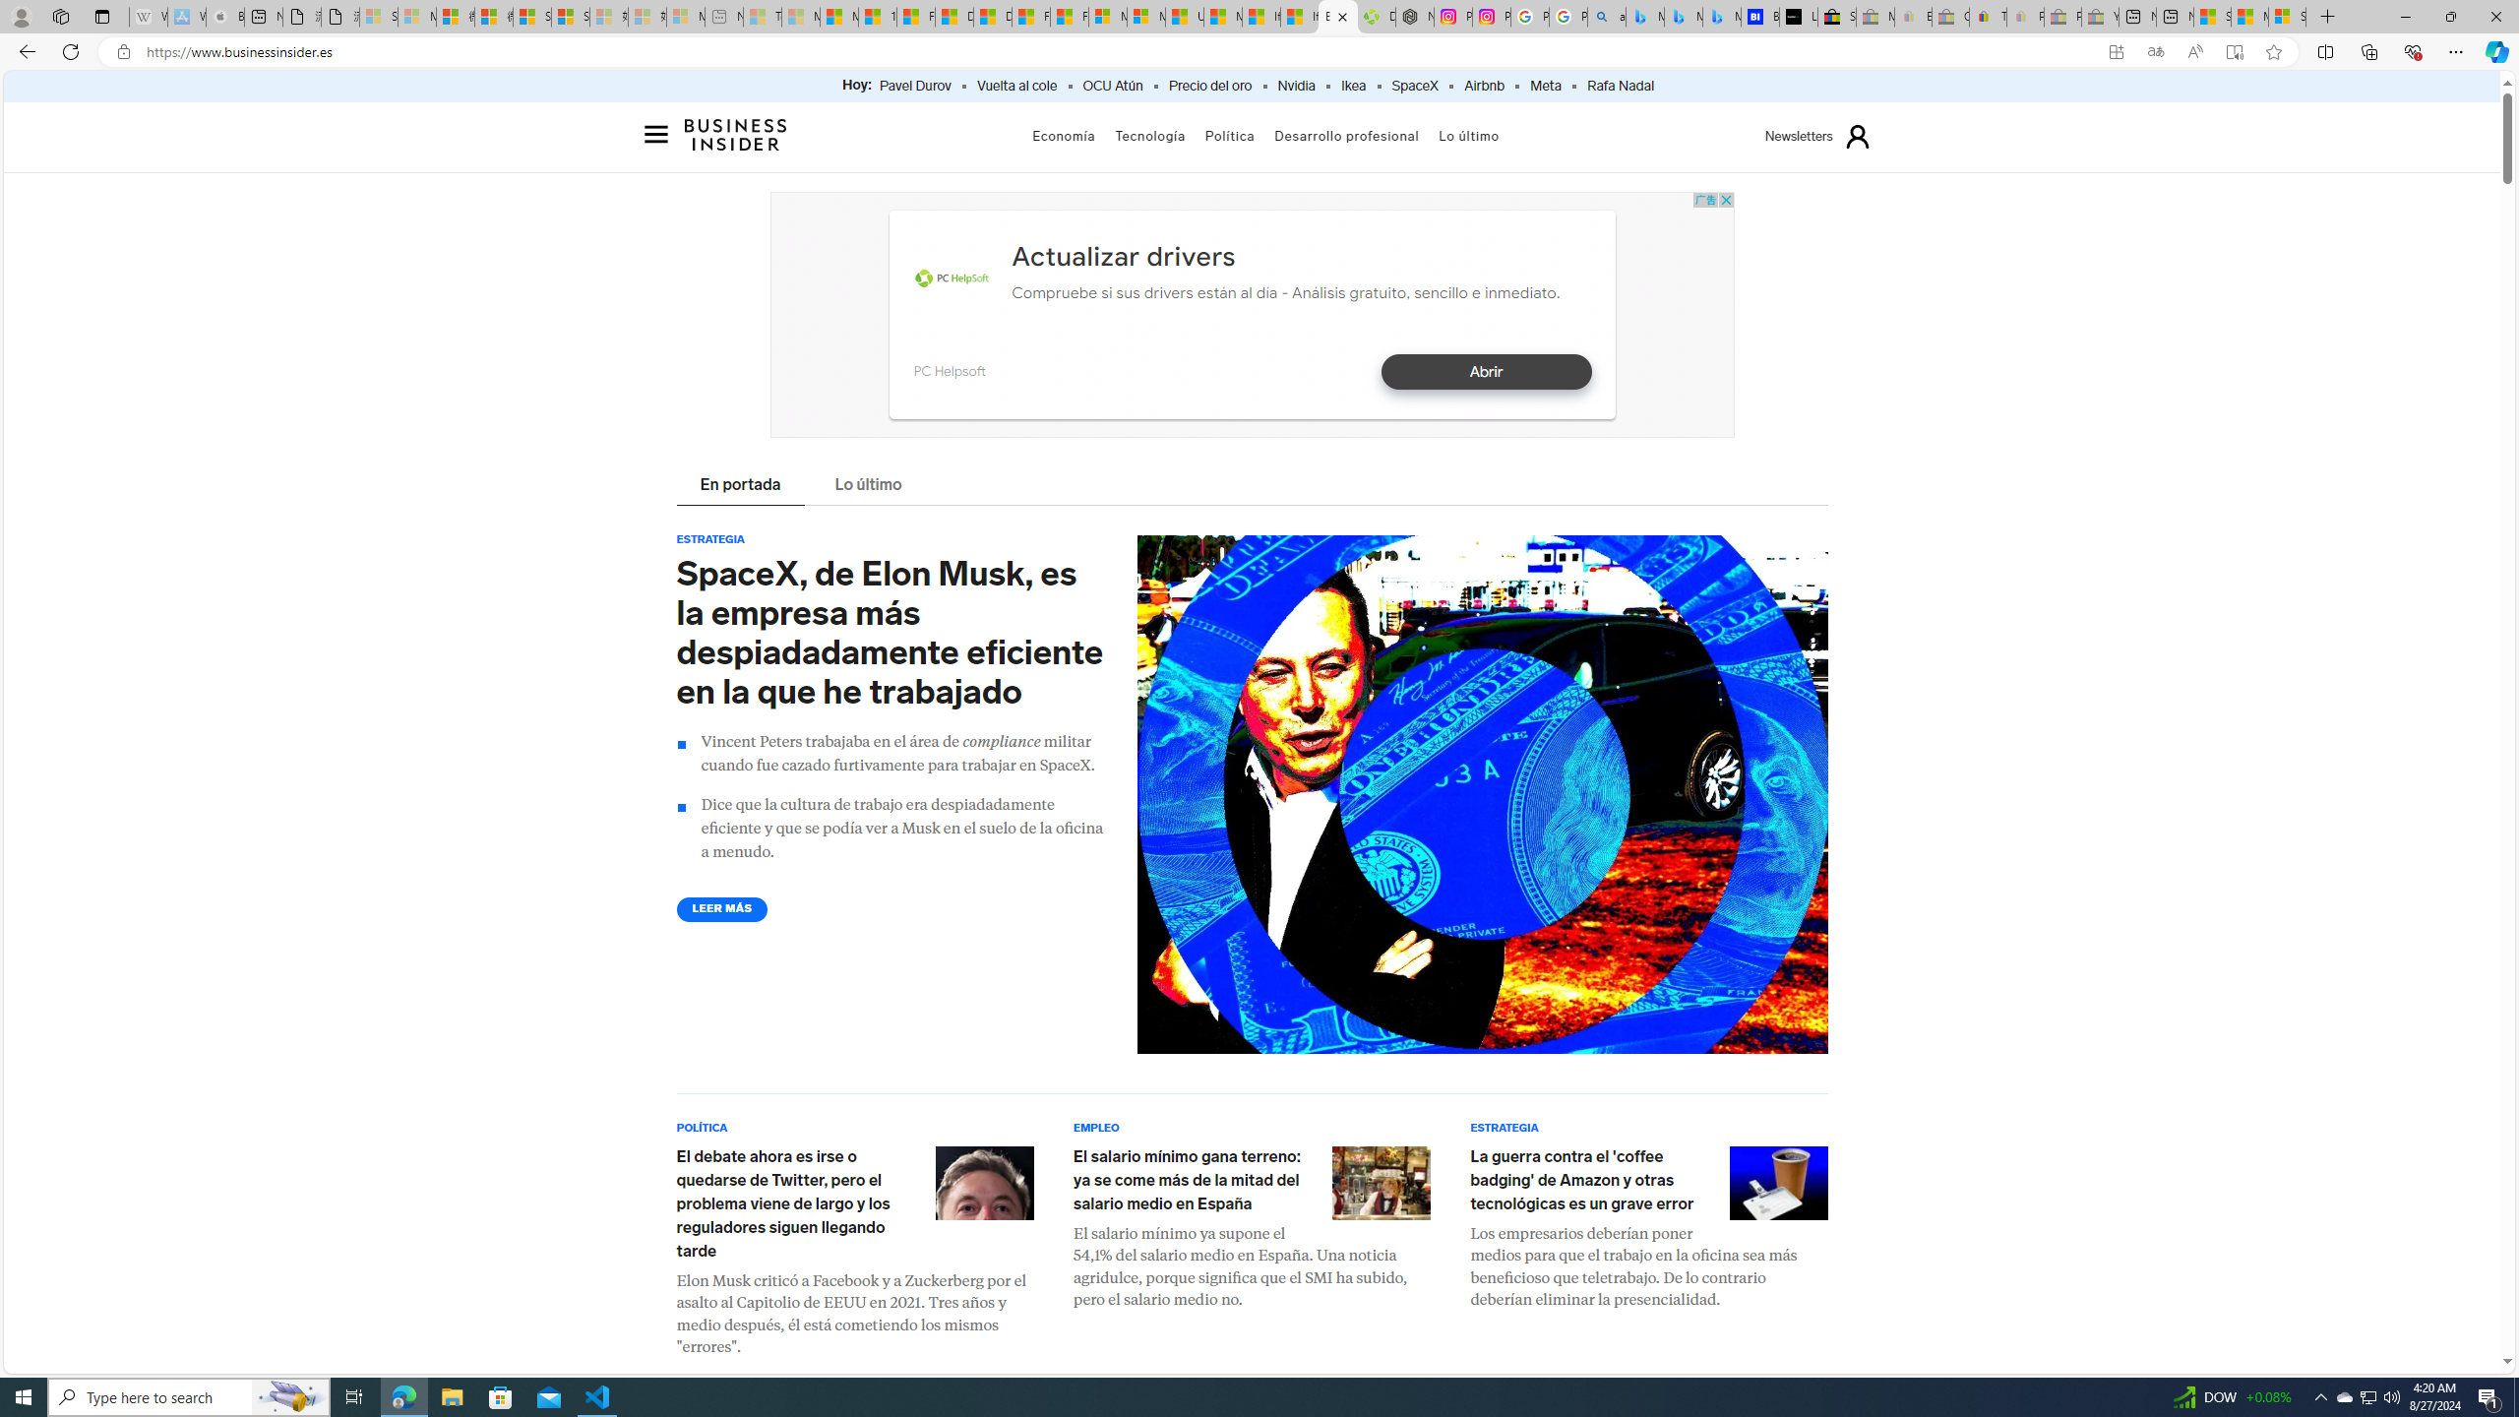 Image resolution: width=2519 pixels, height=1417 pixels. What do you see at coordinates (983, 1181) in the screenshot?
I see `'Elon Musk'` at bounding box center [983, 1181].